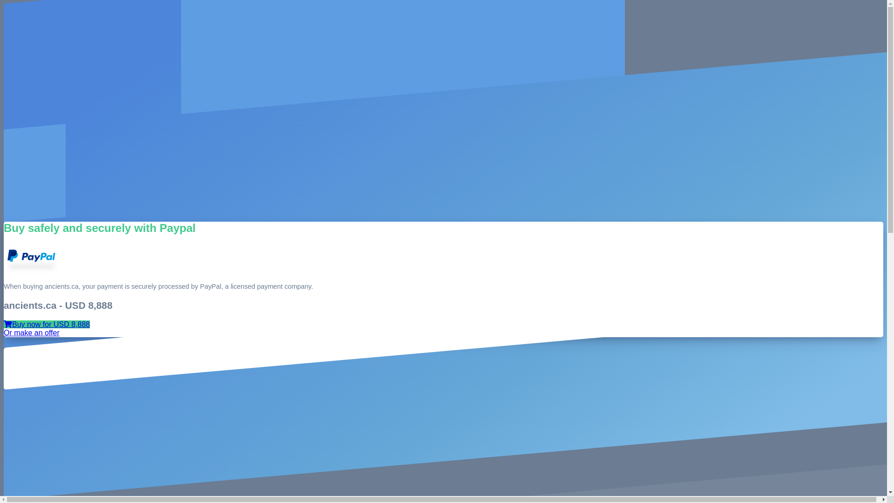 The height and width of the screenshot is (503, 894). What do you see at coordinates (46, 324) in the screenshot?
I see `'Buy now for USD 8,888'` at bounding box center [46, 324].